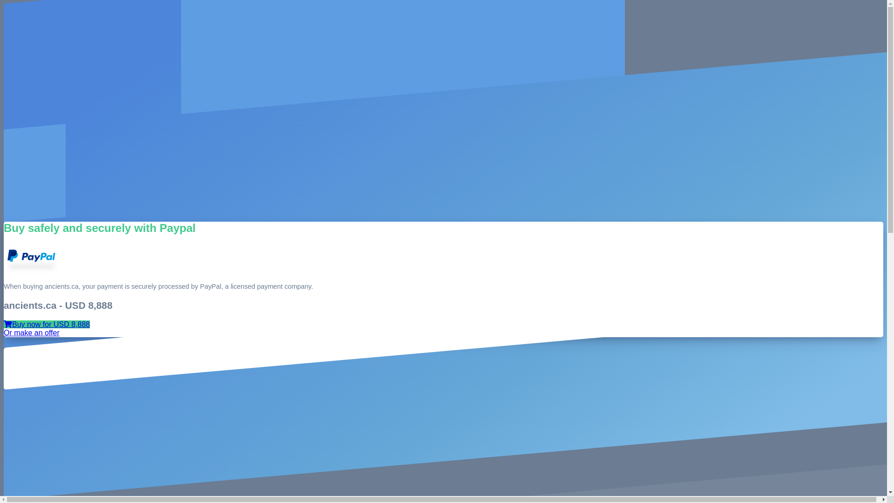 The height and width of the screenshot is (503, 894). What do you see at coordinates (46, 324) in the screenshot?
I see `'Buy now for USD 8,888'` at bounding box center [46, 324].